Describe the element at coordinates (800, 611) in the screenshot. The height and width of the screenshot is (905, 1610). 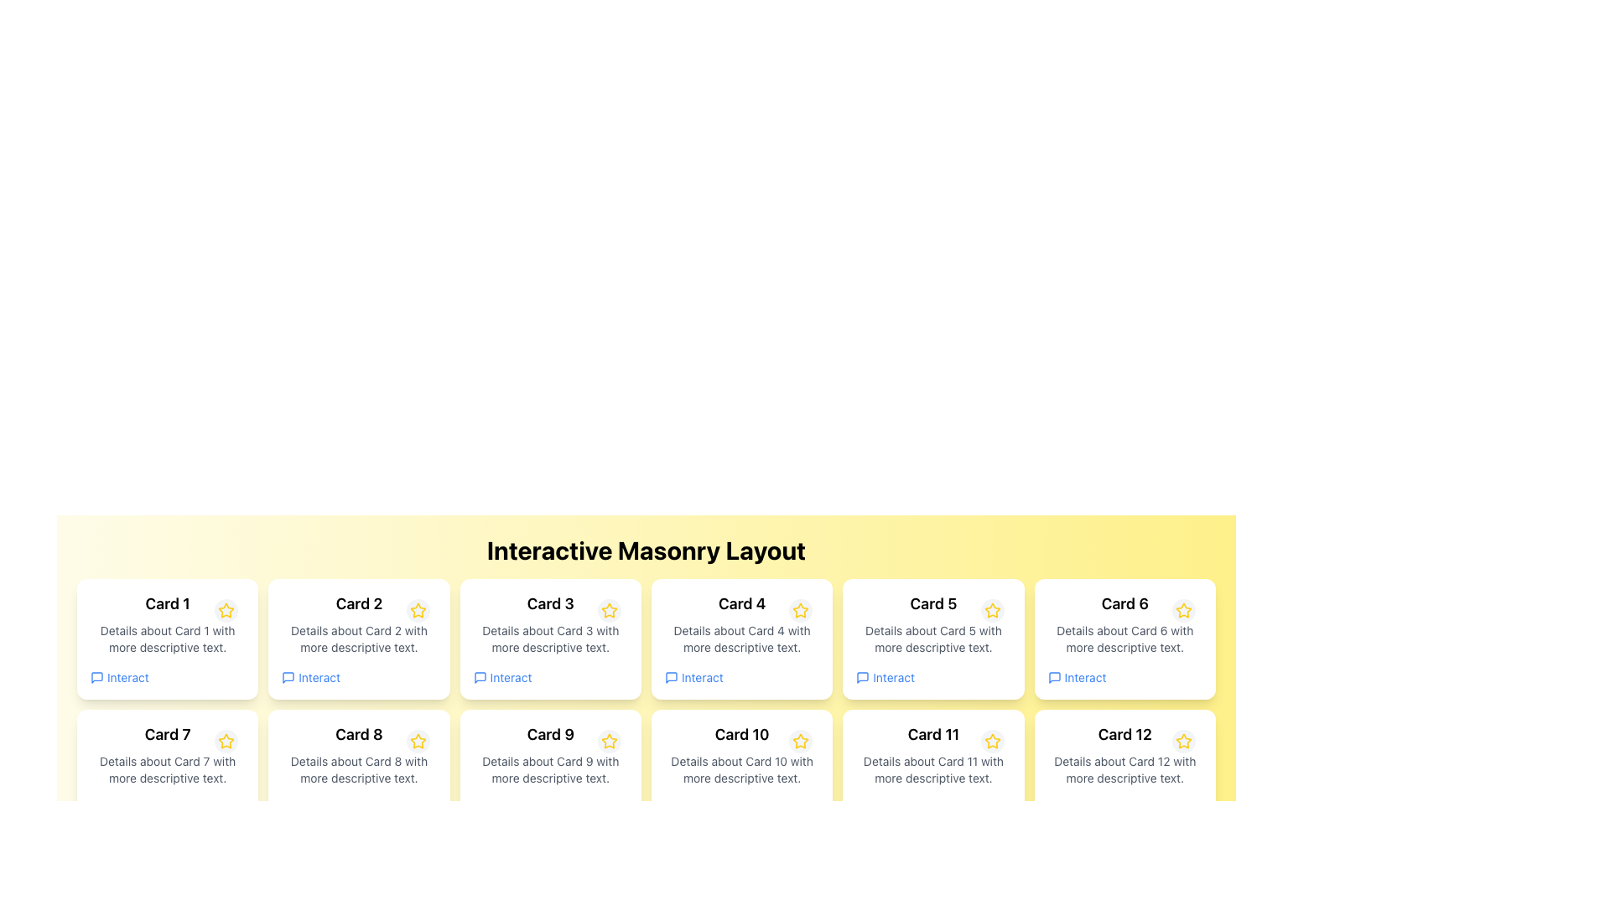
I see `the star button located in the top-right corner of 'Card 4'` at that location.